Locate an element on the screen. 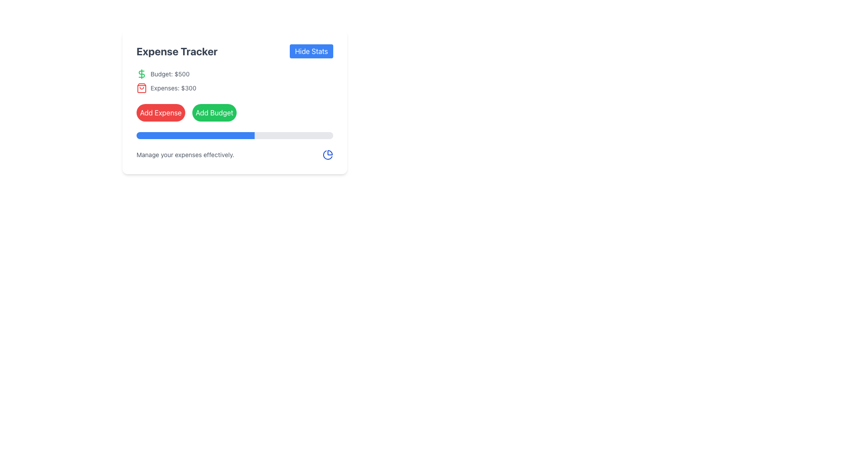 Image resolution: width=843 pixels, height=474 pixels. the leftmost button for adding an expense, positioned next to the 'Add Budget' button, to initiate the expense addition process is located at coordinates (161, 112).